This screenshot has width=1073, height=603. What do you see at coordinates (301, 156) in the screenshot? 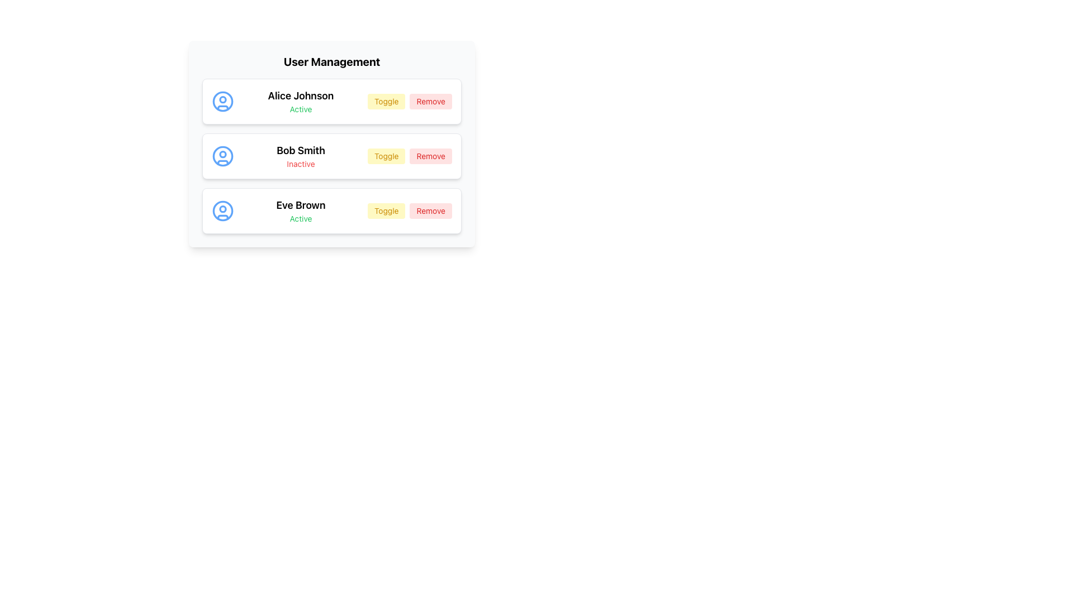
I see `the text block displaying user details with the name 'Bob Smith' and status 'Inactive', which is the second item in a vertical list of user entries` at bounding box center [301, 156].